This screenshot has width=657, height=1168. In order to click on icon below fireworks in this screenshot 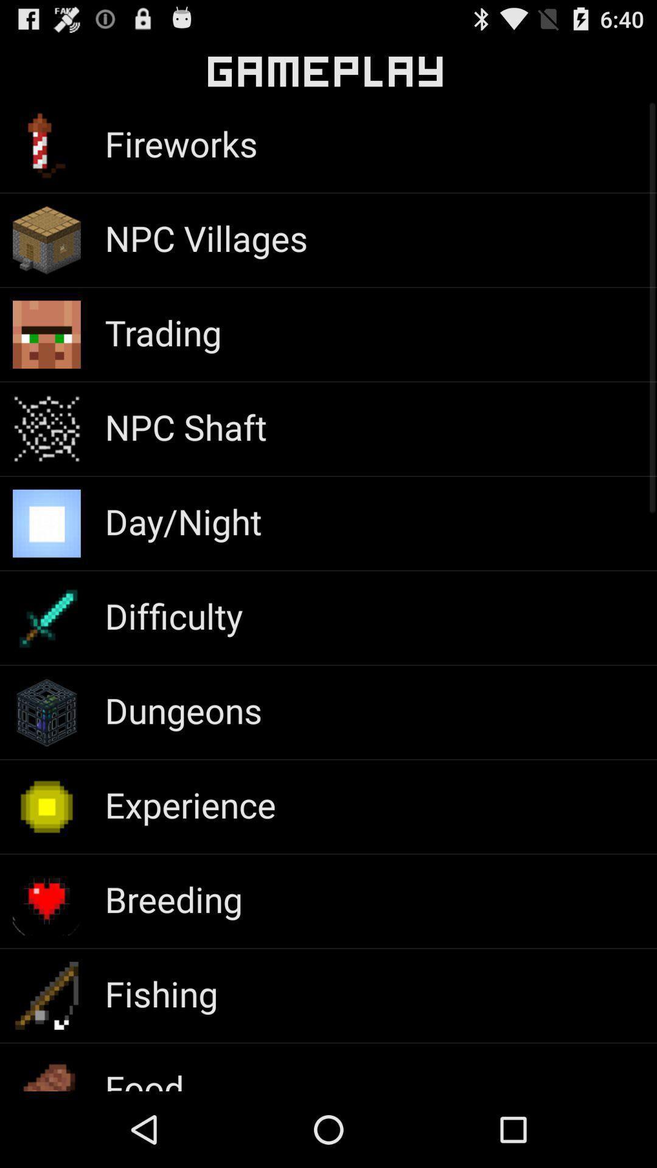, I will do `click(206, 238)`.